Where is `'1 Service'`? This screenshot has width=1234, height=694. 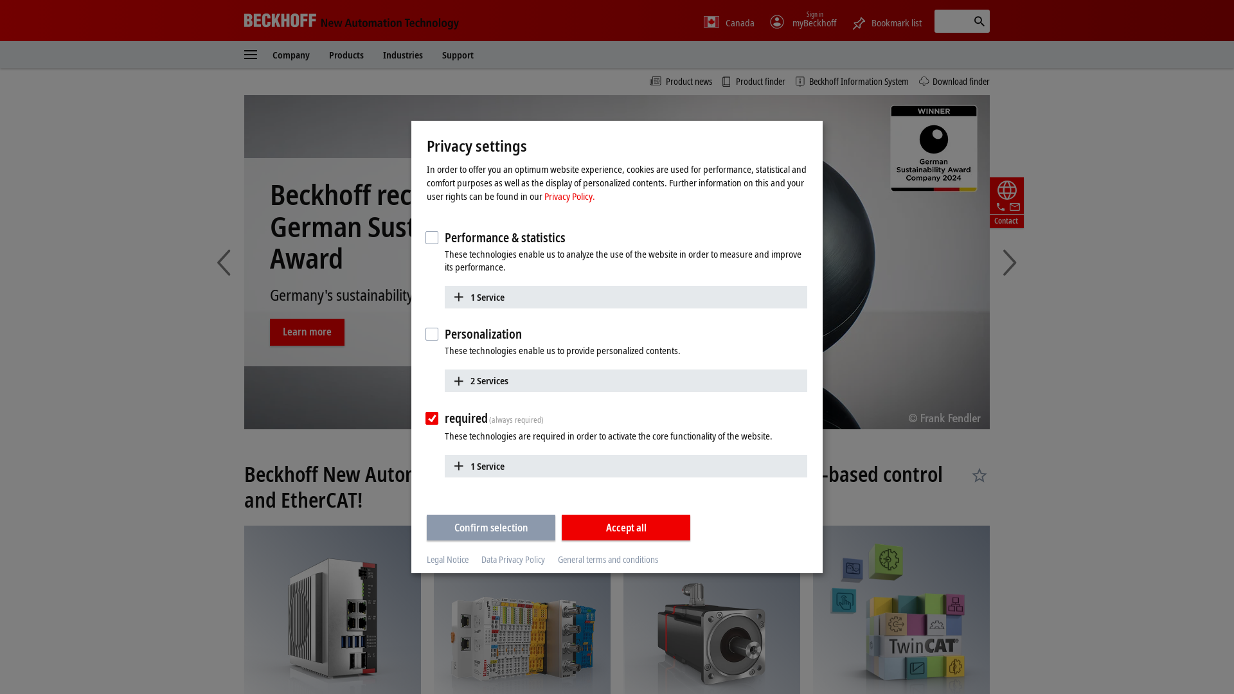
'1 Service' is located at coordinates (626, 296).